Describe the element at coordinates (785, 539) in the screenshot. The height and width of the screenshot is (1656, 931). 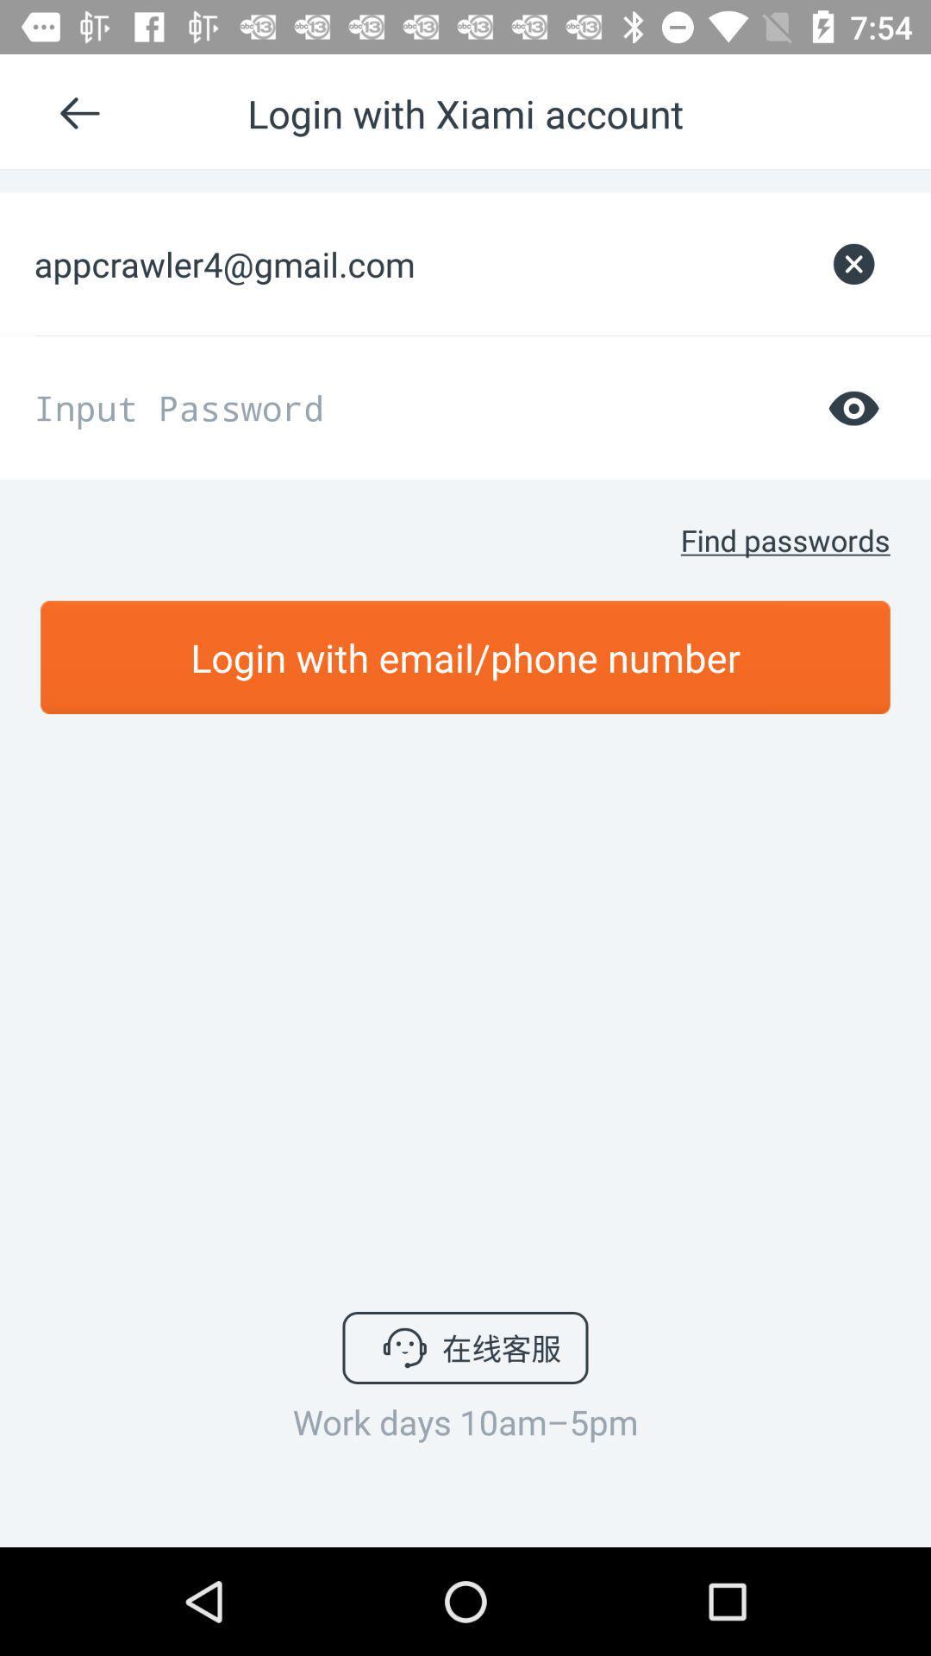
I see `the find passwords item` at that location.